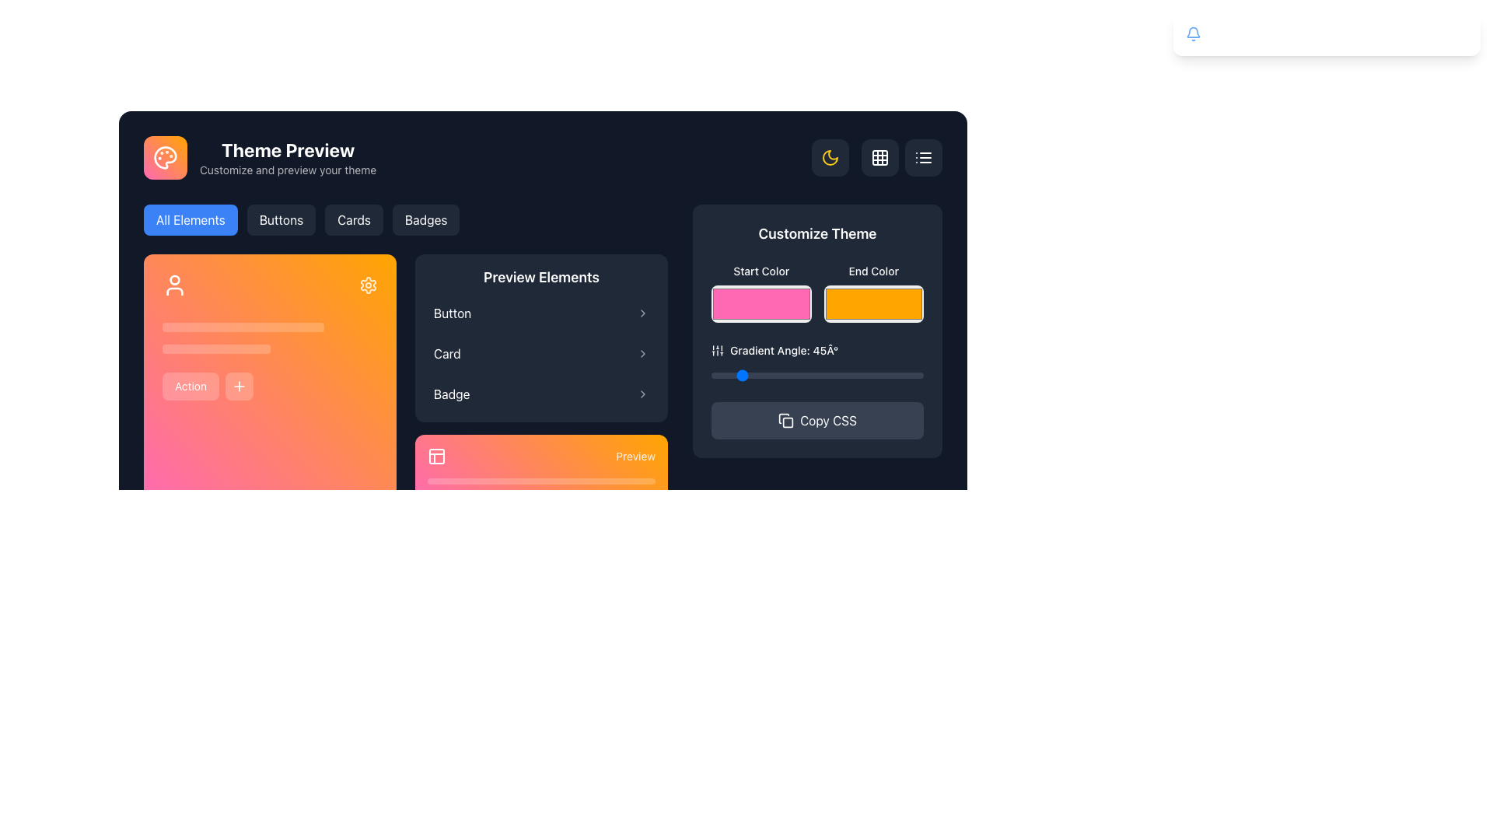 The height and width of the screenshot is (840, 1493). I want to click on the blue bell icon located in the top right corner of the interface, so click(1192, 33).